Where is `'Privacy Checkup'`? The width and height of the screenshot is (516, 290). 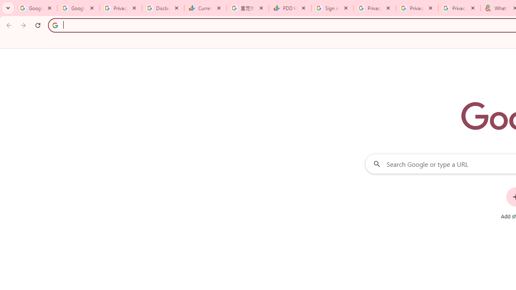
'Privacy Checkup' is located at coordinates (417, 8).